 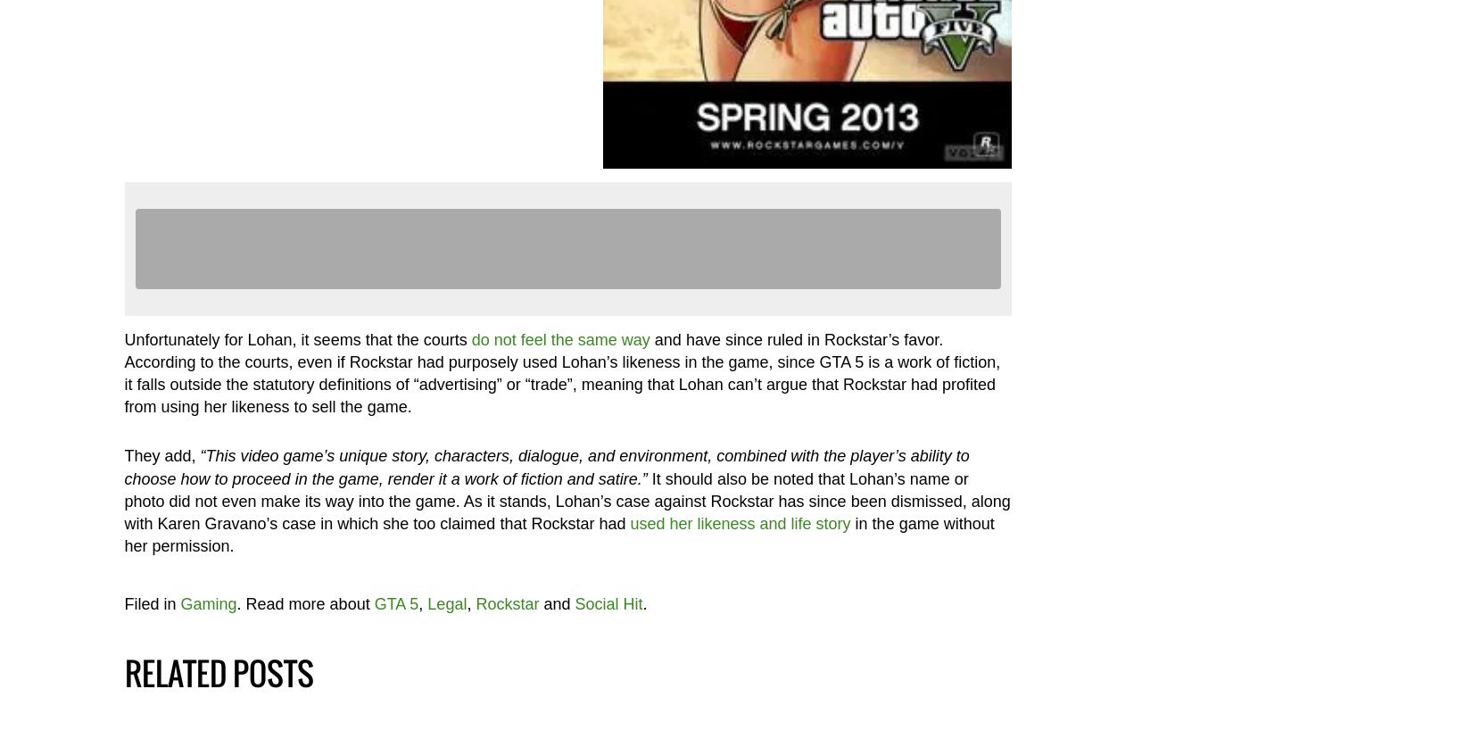 What do you see at coordinates (538, 602) in the screenshot?
I see `'and'` at bounding box center [538, 602].